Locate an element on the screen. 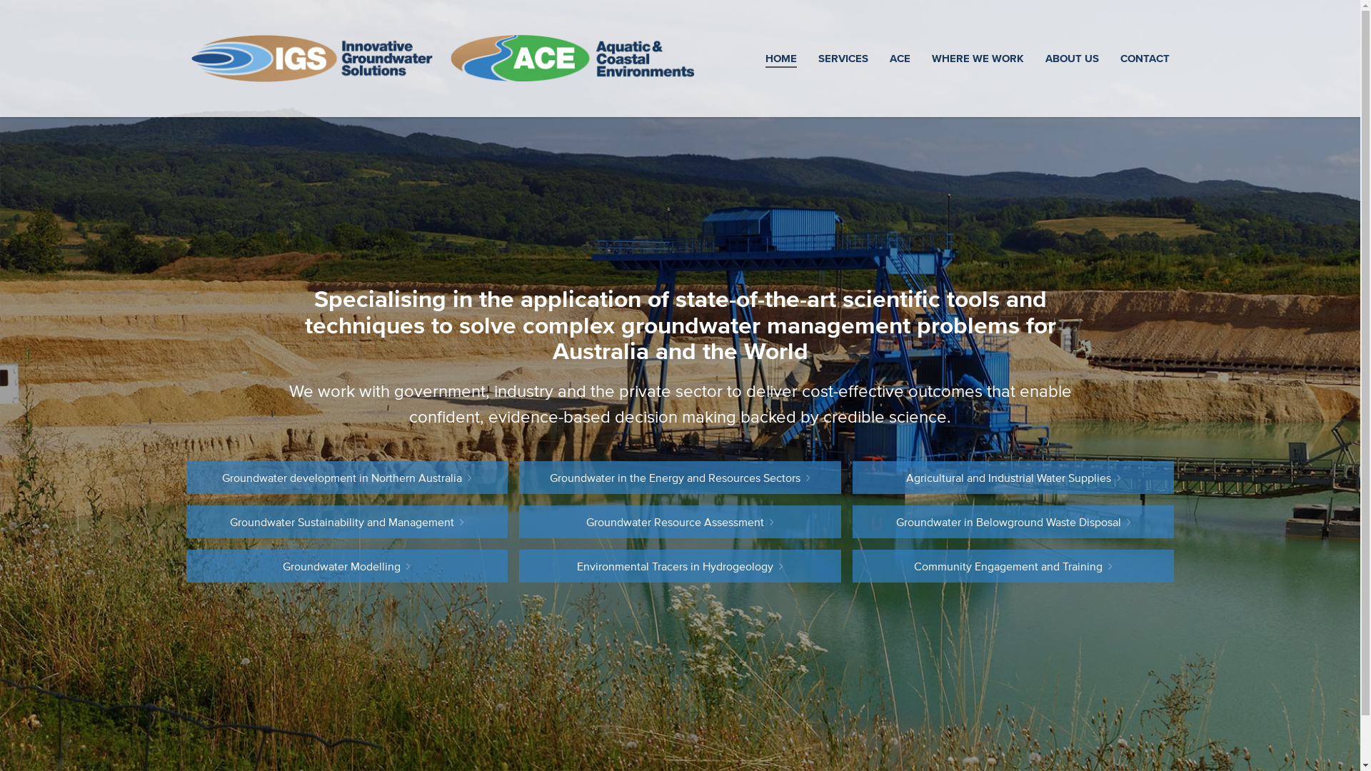  'Community Engagement and Training  ' is located at coordinates (1013, 565).